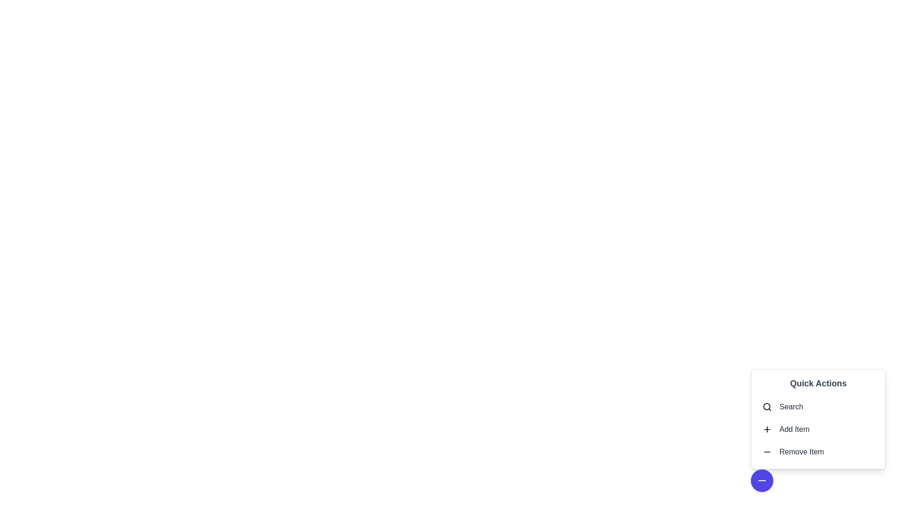 Image resolution: width=901 pixels, height=507 pixels. Describe the element at coordinates (791, 407) in the screenshot. I see `the 'Search' text label, which is styled with a grayish tone and located in the 'Quick Actions' section, slightly to the right of a search icon` at that location.